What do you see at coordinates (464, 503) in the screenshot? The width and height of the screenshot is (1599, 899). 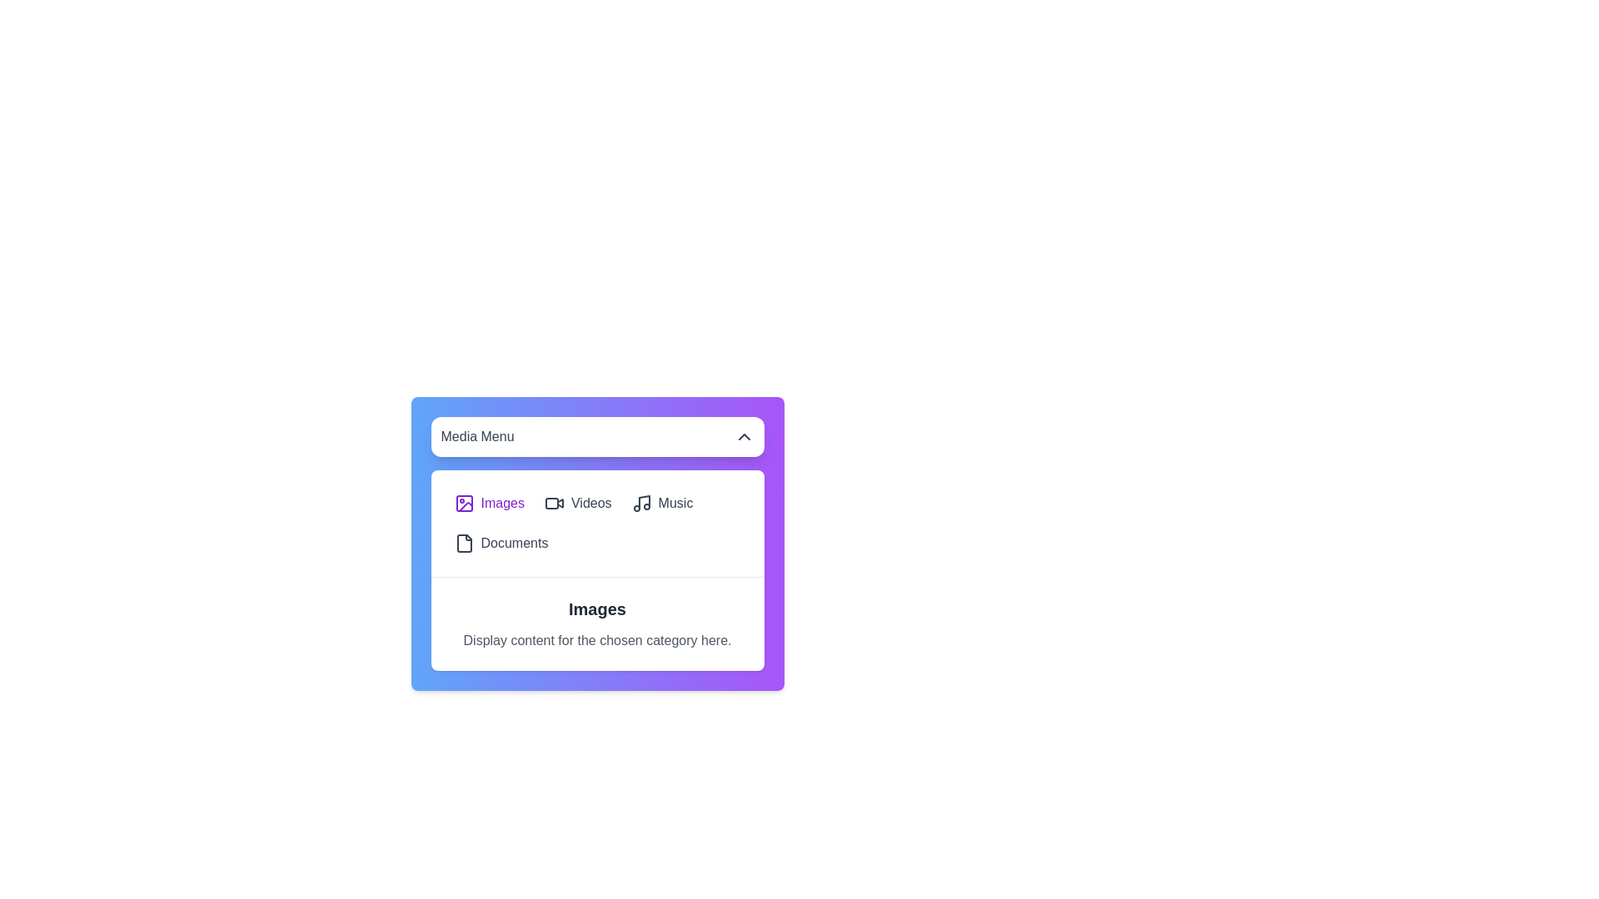 I see `the small rectangular shape with rounded corners located inside the icon to the left of the 'Images' text in the media menu` at bounding box center [464, 503].